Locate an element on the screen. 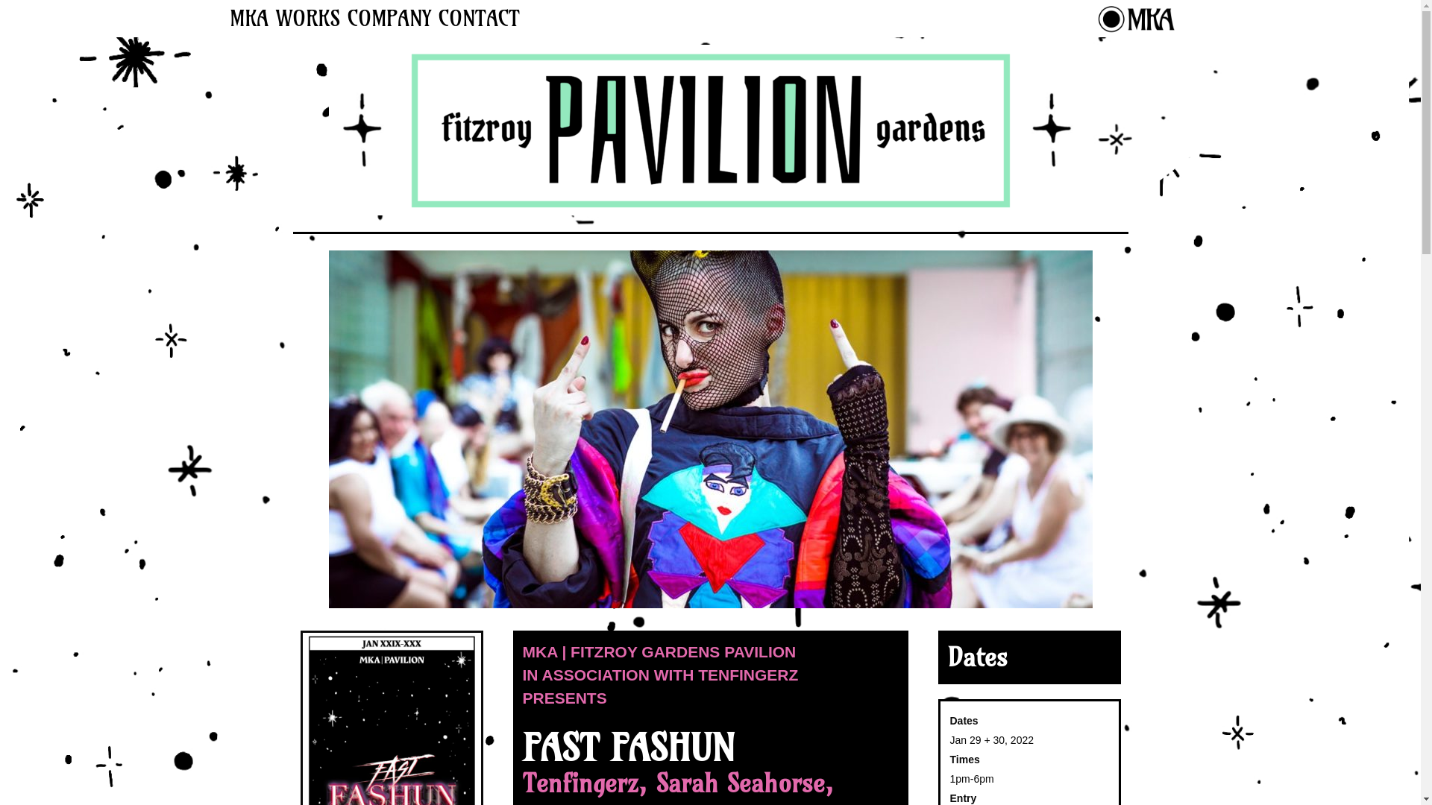  'COMPANY' is located at coordinates (342, 18).